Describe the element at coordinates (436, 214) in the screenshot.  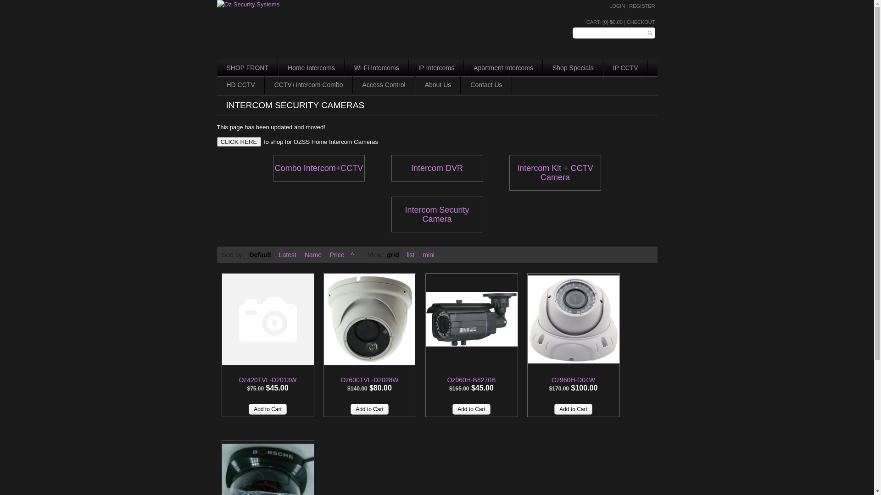
I see `'Intercom Security Camera'` at that location.